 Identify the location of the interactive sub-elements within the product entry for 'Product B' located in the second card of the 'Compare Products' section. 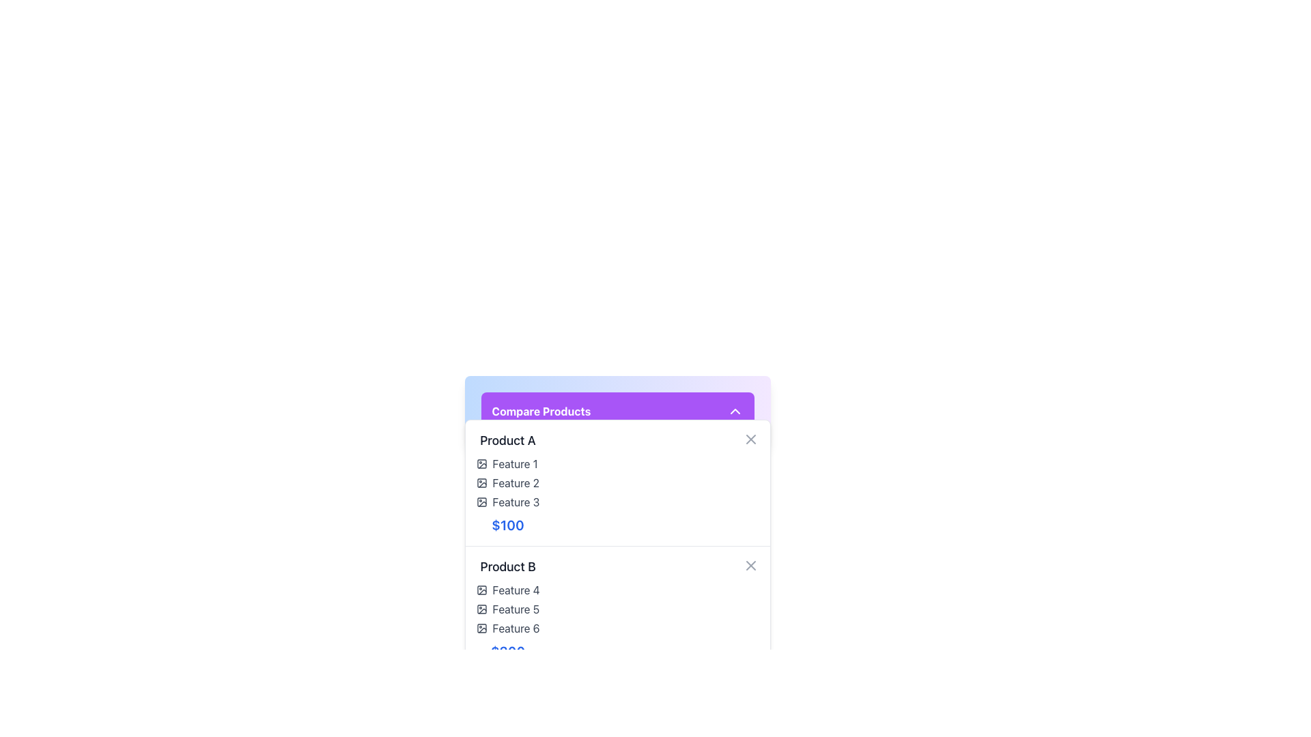
(507, 609).